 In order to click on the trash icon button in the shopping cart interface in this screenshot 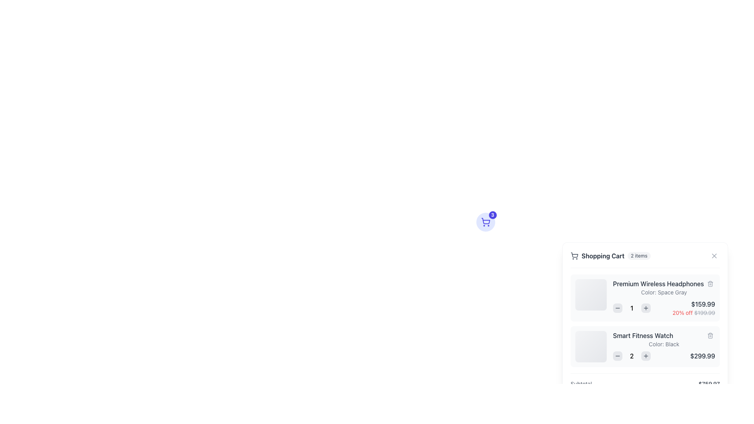, I will do `click(710, 336)`.